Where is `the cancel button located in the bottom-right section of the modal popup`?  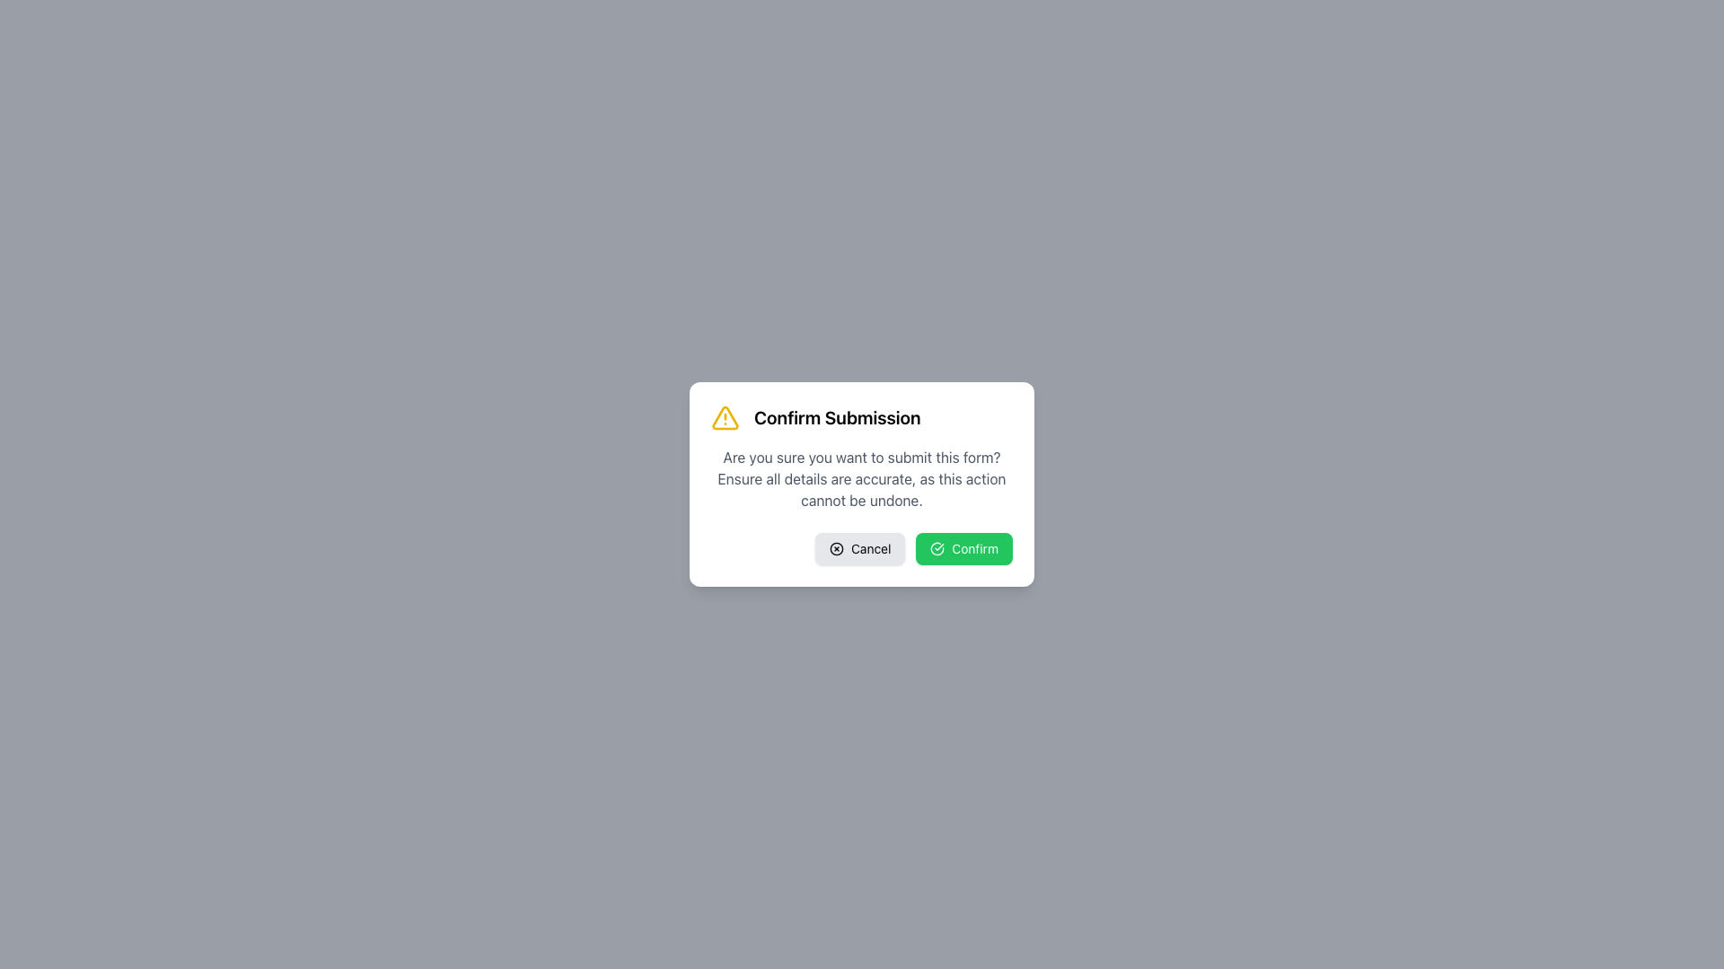
the cancel button located in the bottom-right section of the modal popup is located at coordinates (859, 548).